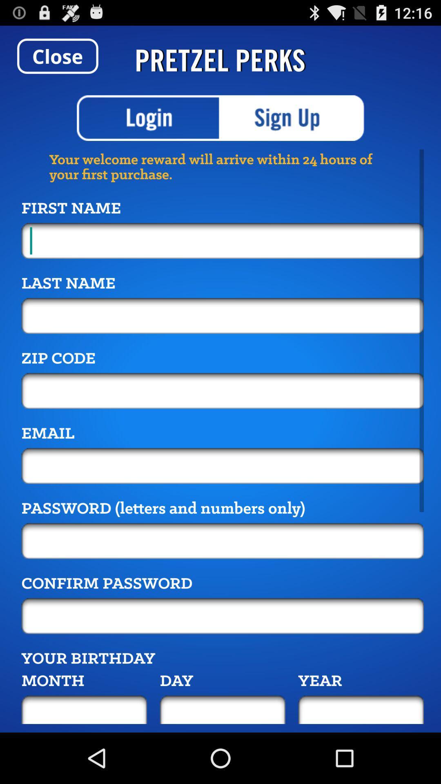 Image resolution: width=441 pixels, height=784 pixels. What do you see at coordinates (223, 616) in the screenshot?
I see `confirm password` at bounding box center [223, 616].